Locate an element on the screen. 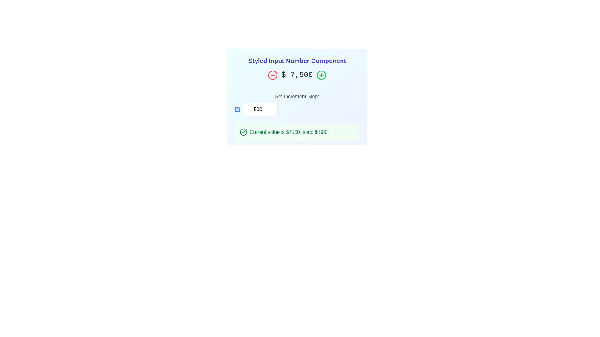 The image size is (600, 337). the SVG icon representing confirmation or success inside the green success notification box located at the bottom right of the main component is located at coordinates (243, 132).